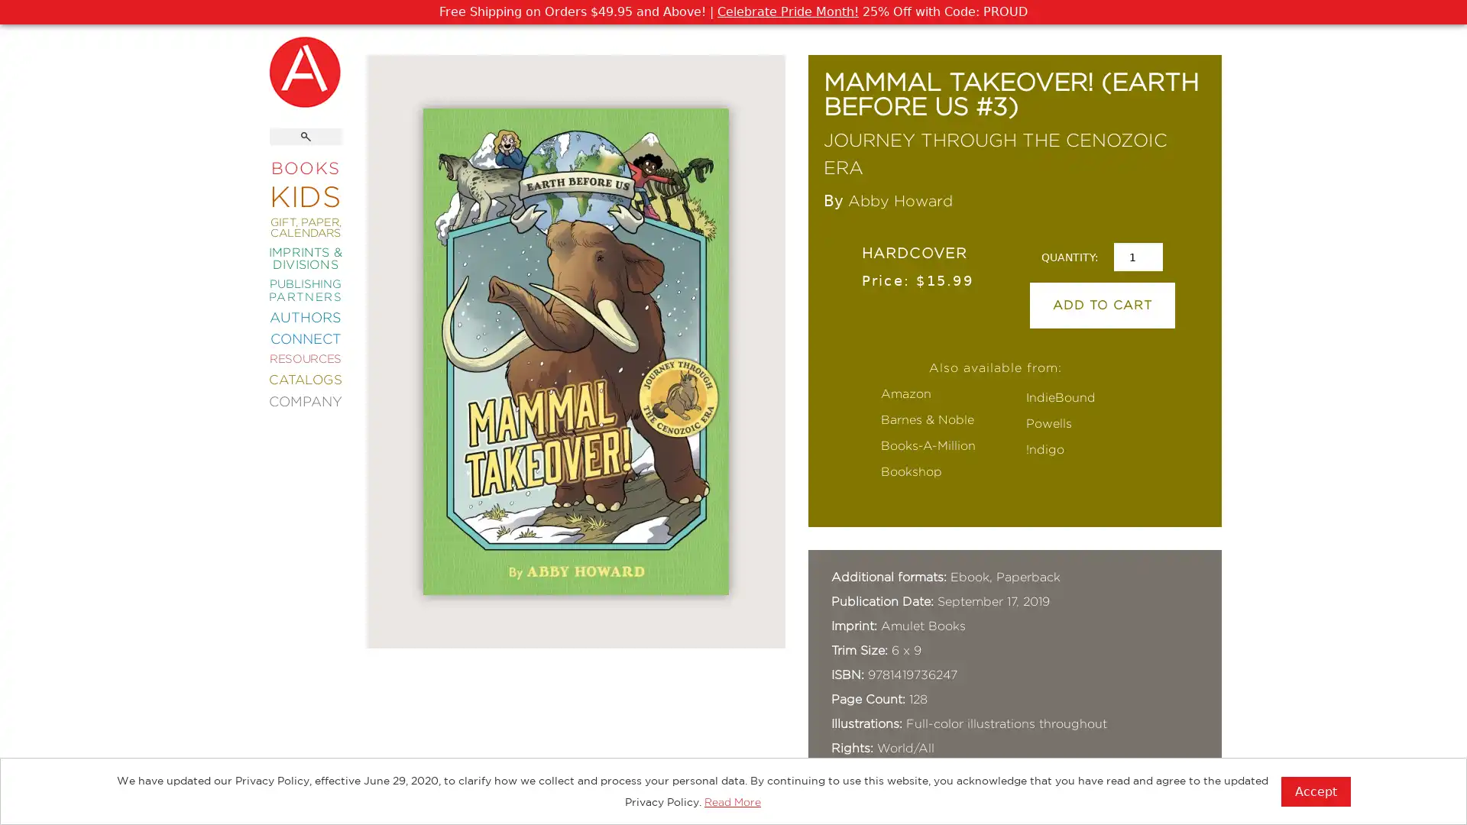  I want to click on RESOURCES, so click(305, 358).